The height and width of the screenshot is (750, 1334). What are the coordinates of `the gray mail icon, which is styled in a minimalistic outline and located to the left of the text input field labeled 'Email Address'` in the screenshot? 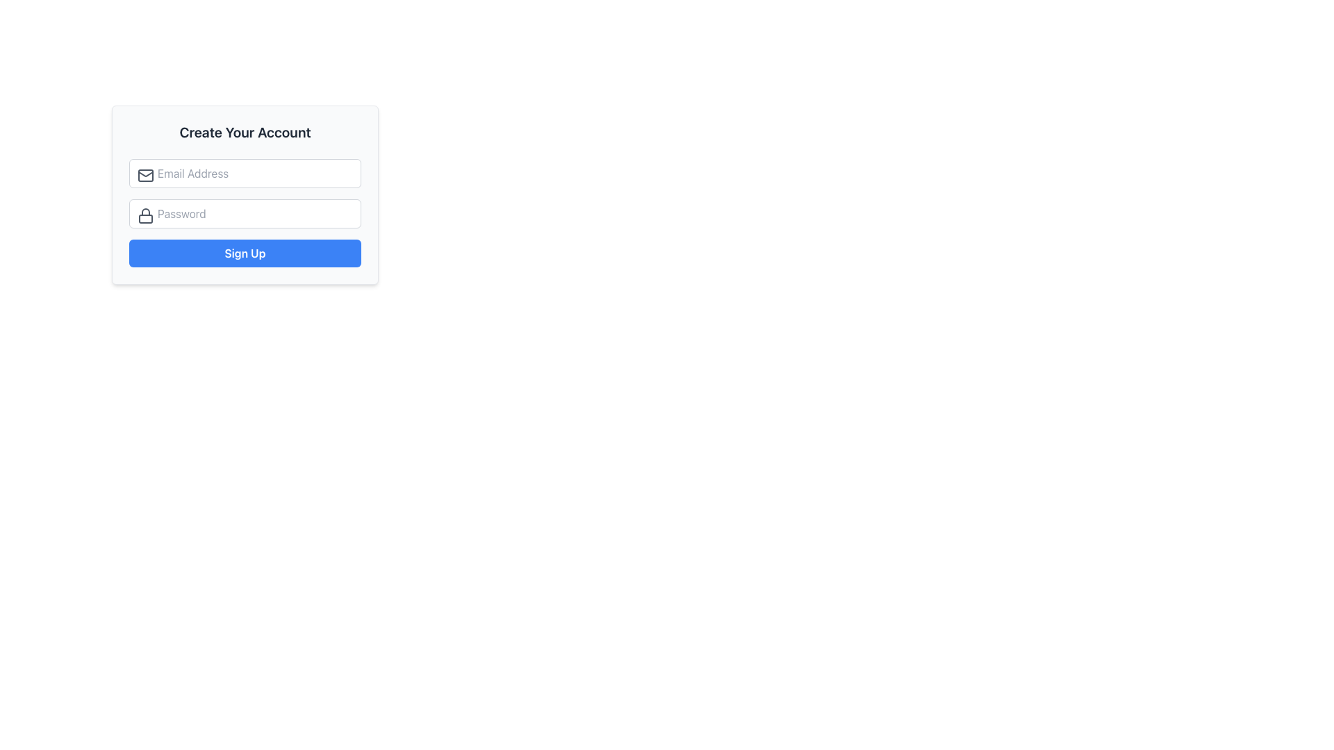 It's located at (146, 175).